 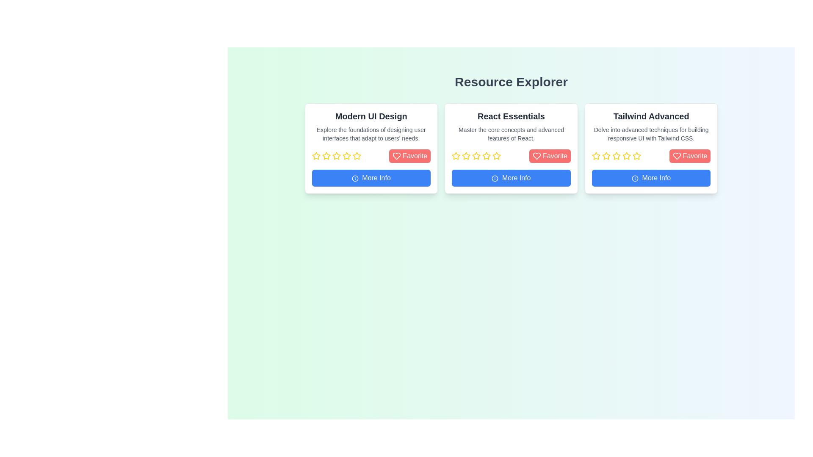 What do you see at coordinates (357, 156) in the screenshot?
I see `the second star-shaped rating icon filled with yellow color under the 'Modern UI Design' section in the Resource Explorer to rate it` at bounding box center [357, 156].